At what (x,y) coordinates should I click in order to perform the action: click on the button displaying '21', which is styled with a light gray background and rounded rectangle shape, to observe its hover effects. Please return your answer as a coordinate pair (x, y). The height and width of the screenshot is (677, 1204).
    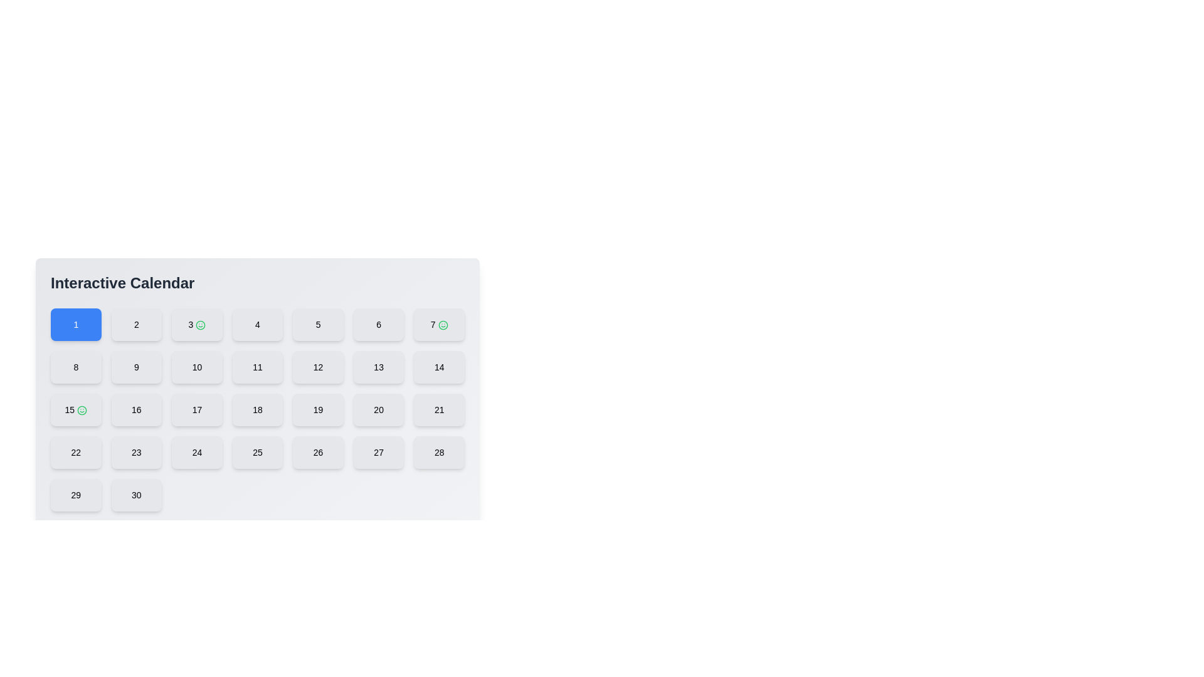
    Looking at the image, I should click on (439, 410).